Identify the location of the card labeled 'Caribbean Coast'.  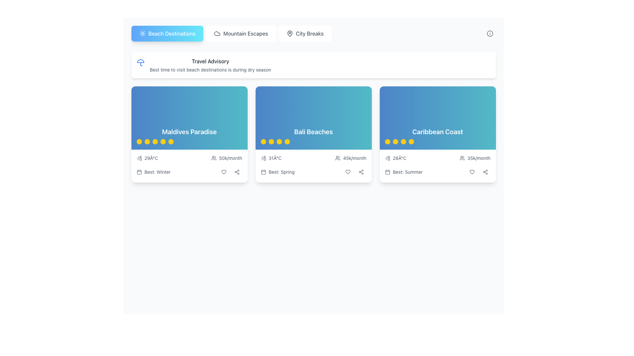
(438, 135).